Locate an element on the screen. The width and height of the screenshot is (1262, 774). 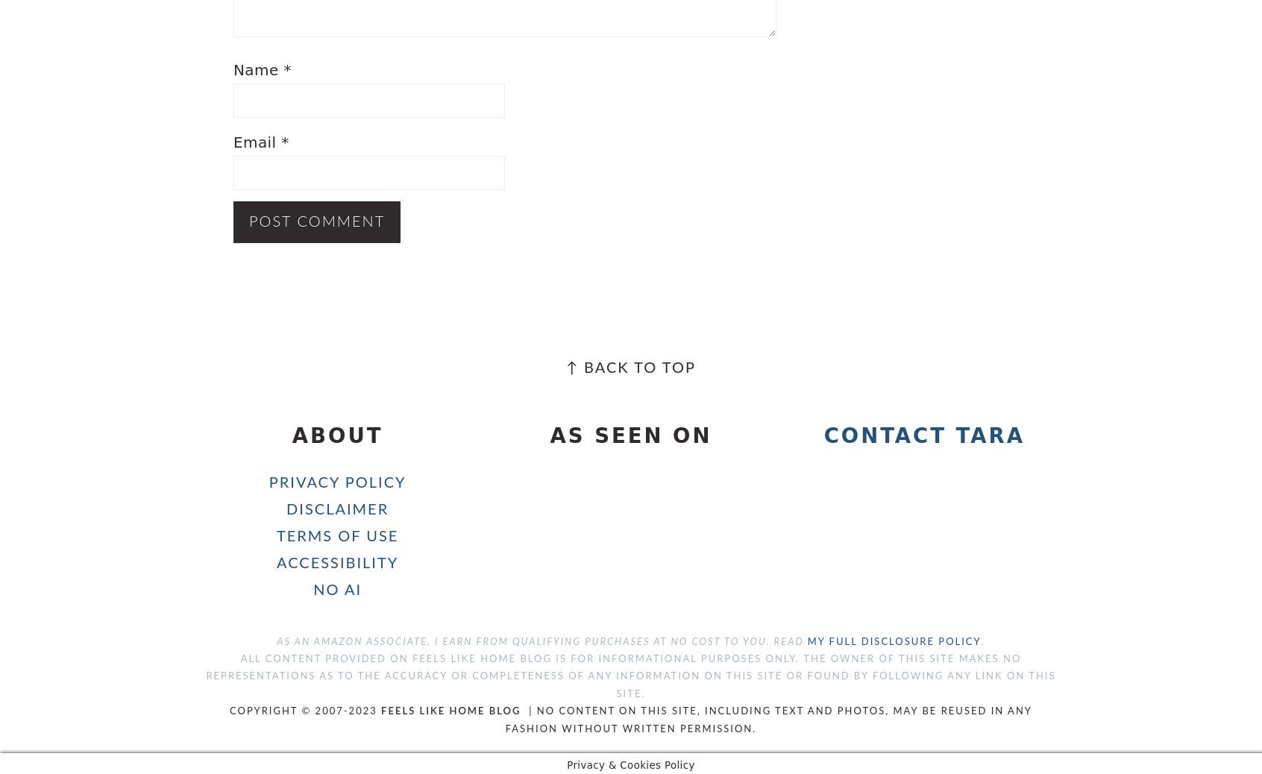
'Contact Tara' is located at coordinates (924, 434).